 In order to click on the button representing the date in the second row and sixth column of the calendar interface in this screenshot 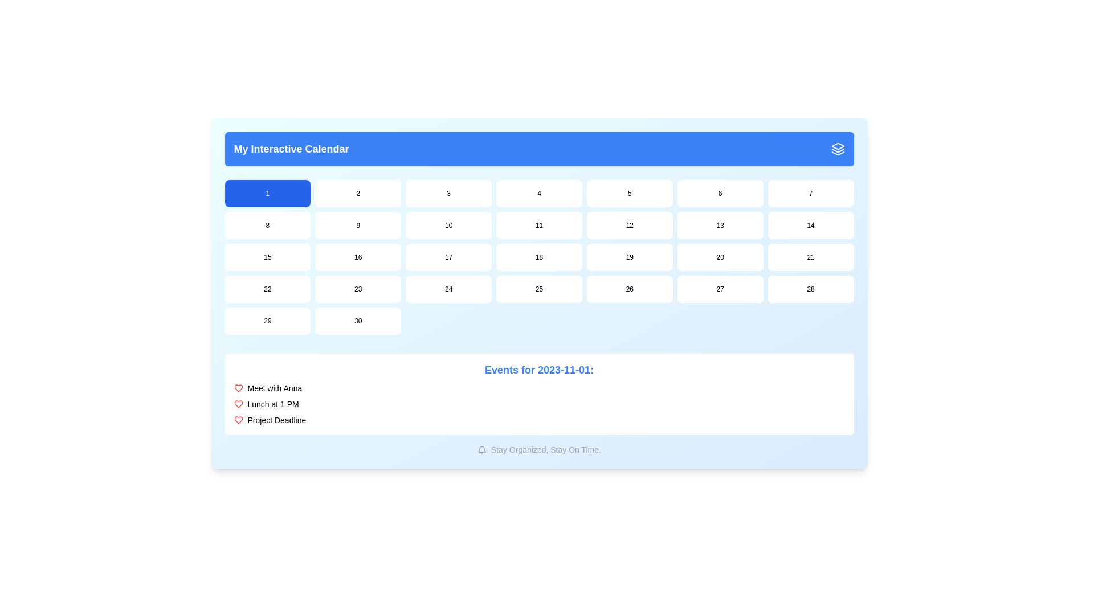, I will do `click(720, 225)`.